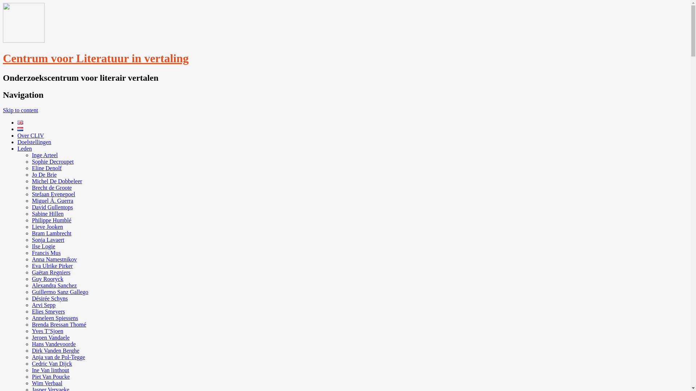 This screenshot has width=696, height=391. Describe the element at coordinates (31, 337) in the screenshot. I see `'Jeroen Vandaele'` at that location.